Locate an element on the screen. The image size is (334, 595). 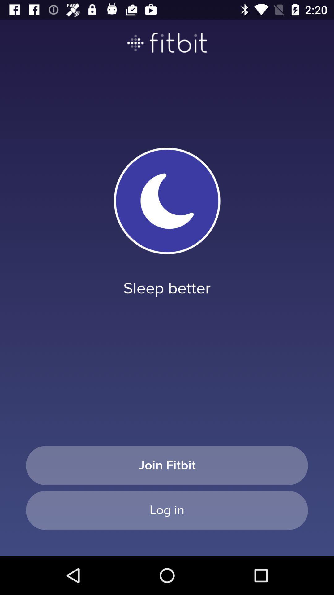
the icon above log in is located at coordinates (167, 465).